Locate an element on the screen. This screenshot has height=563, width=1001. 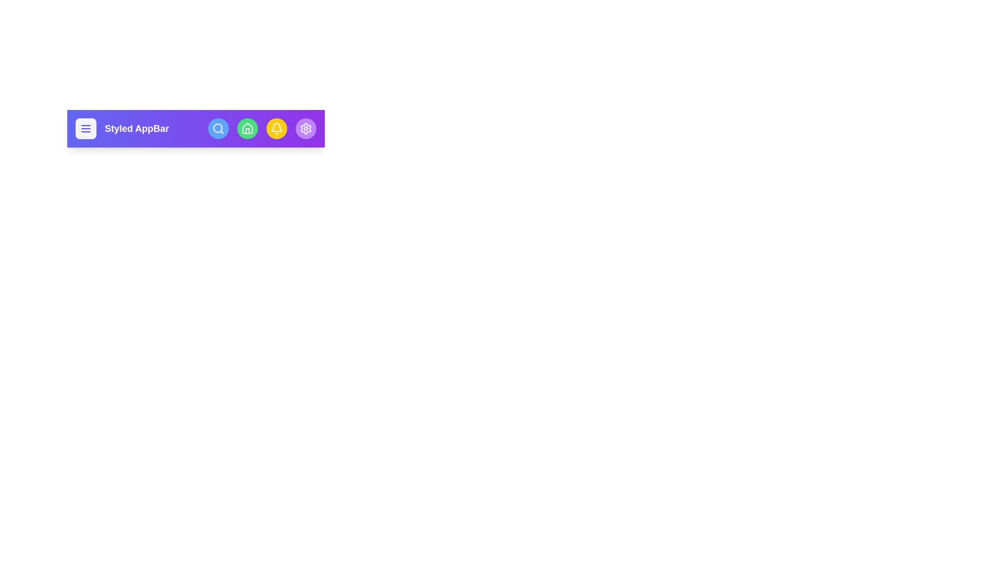
the 'Styled AppBar' text to interact with it is located at coordinates (136, 128).